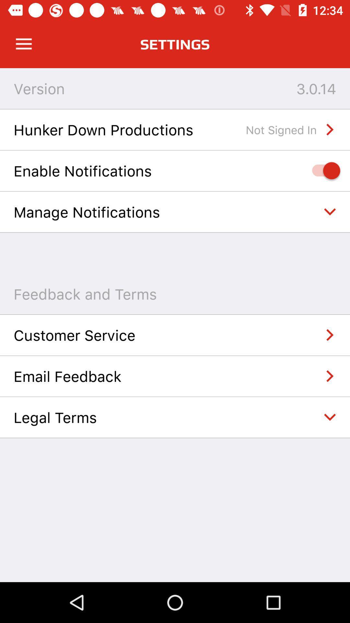  What do you see at coordinates (323, 171) in the screenshot?
I see `notifications on/off` at bounding box center [323, 171].